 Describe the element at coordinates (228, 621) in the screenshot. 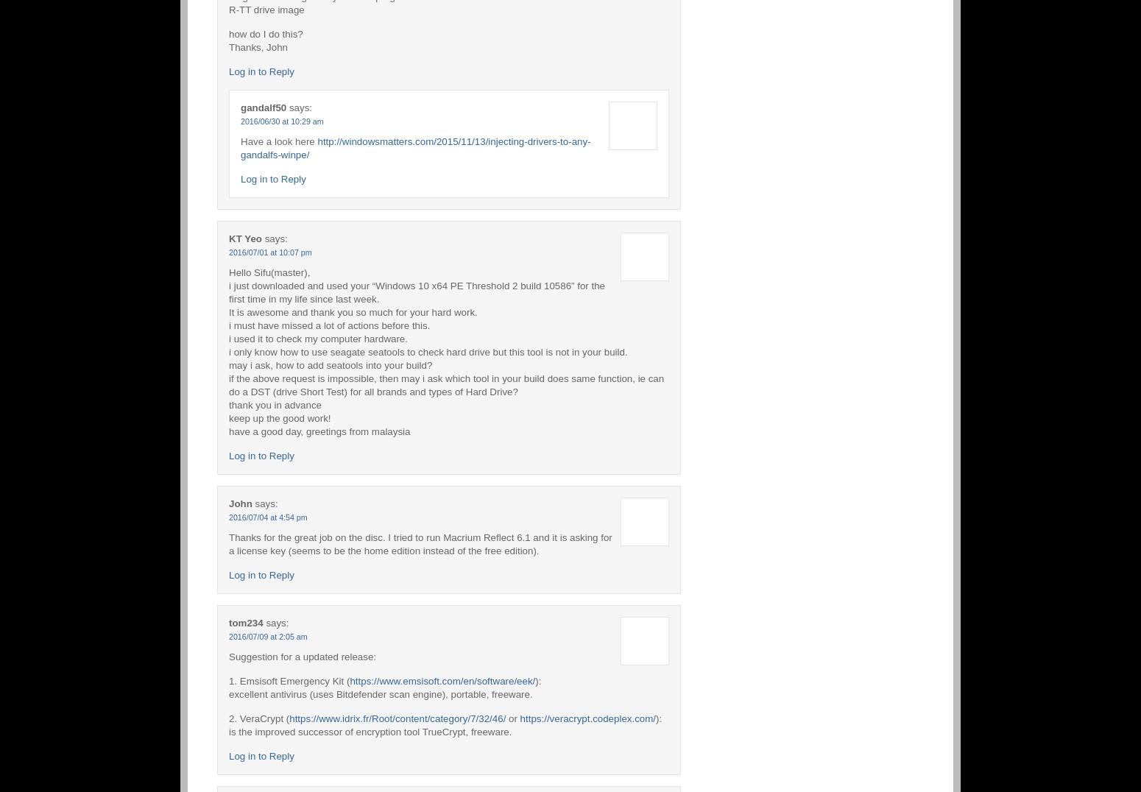

I see `'tom234'` at that location.